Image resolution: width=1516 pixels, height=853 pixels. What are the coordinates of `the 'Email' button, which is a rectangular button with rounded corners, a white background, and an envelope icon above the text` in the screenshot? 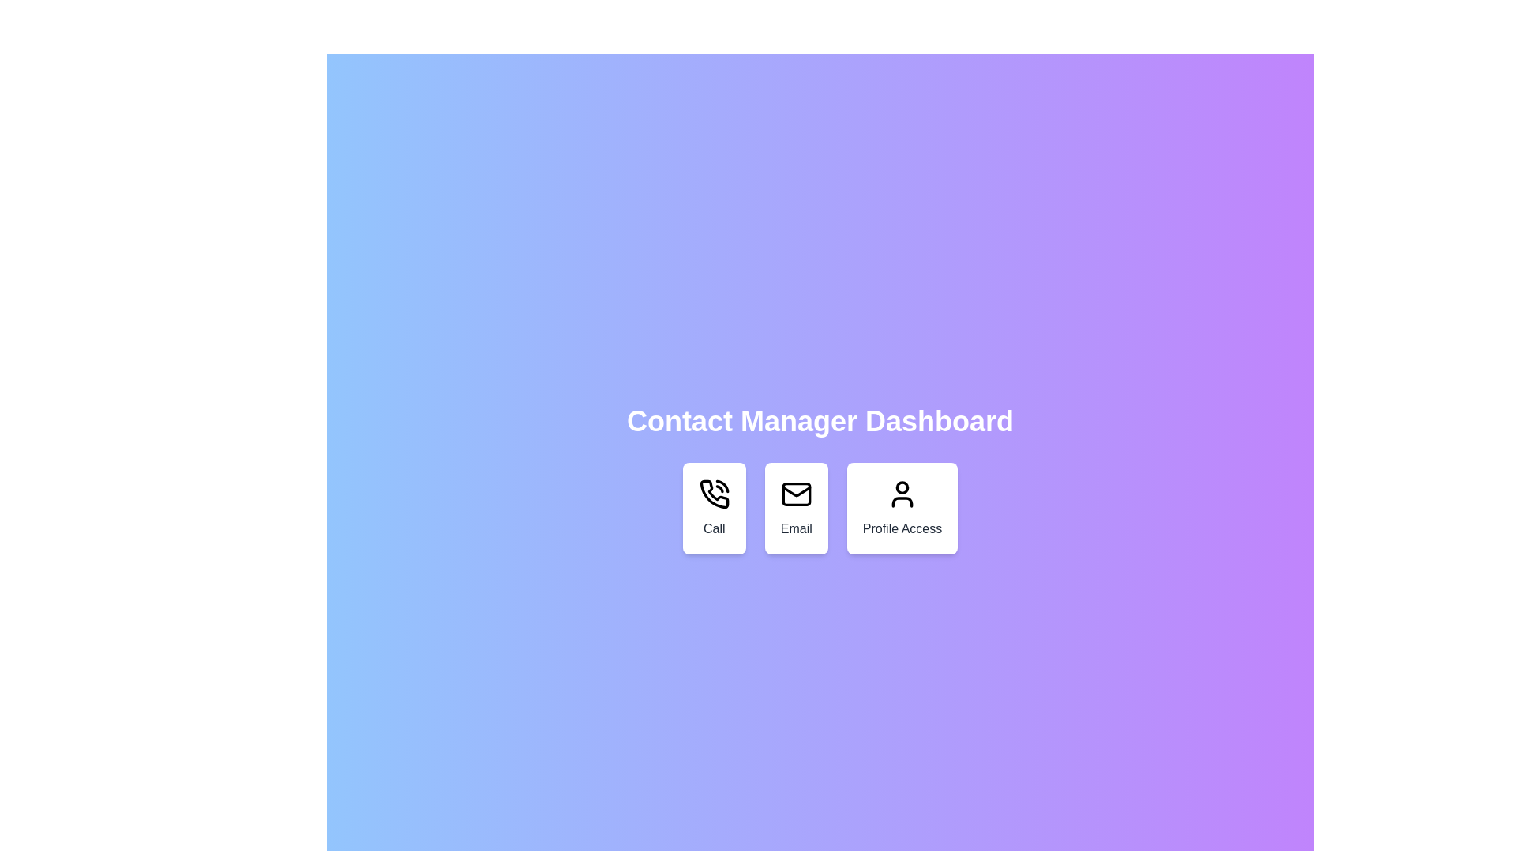 It's located at (796, 509).